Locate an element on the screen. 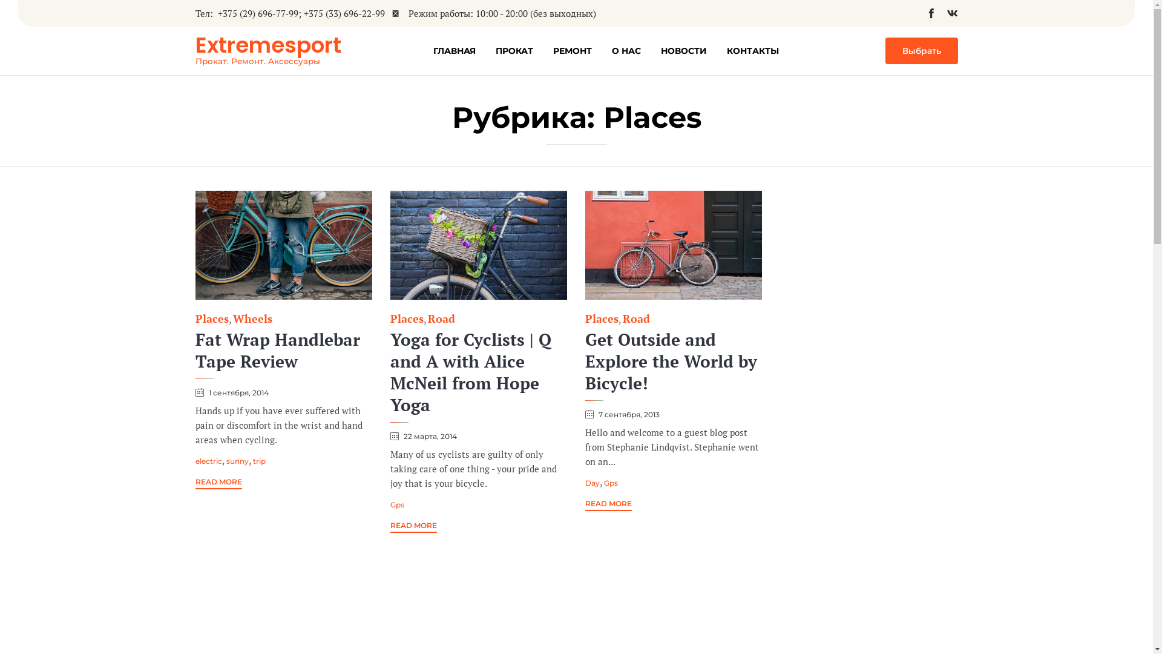 The image size is (1162, 654). 'Places' is located at coordinates (389, 318).